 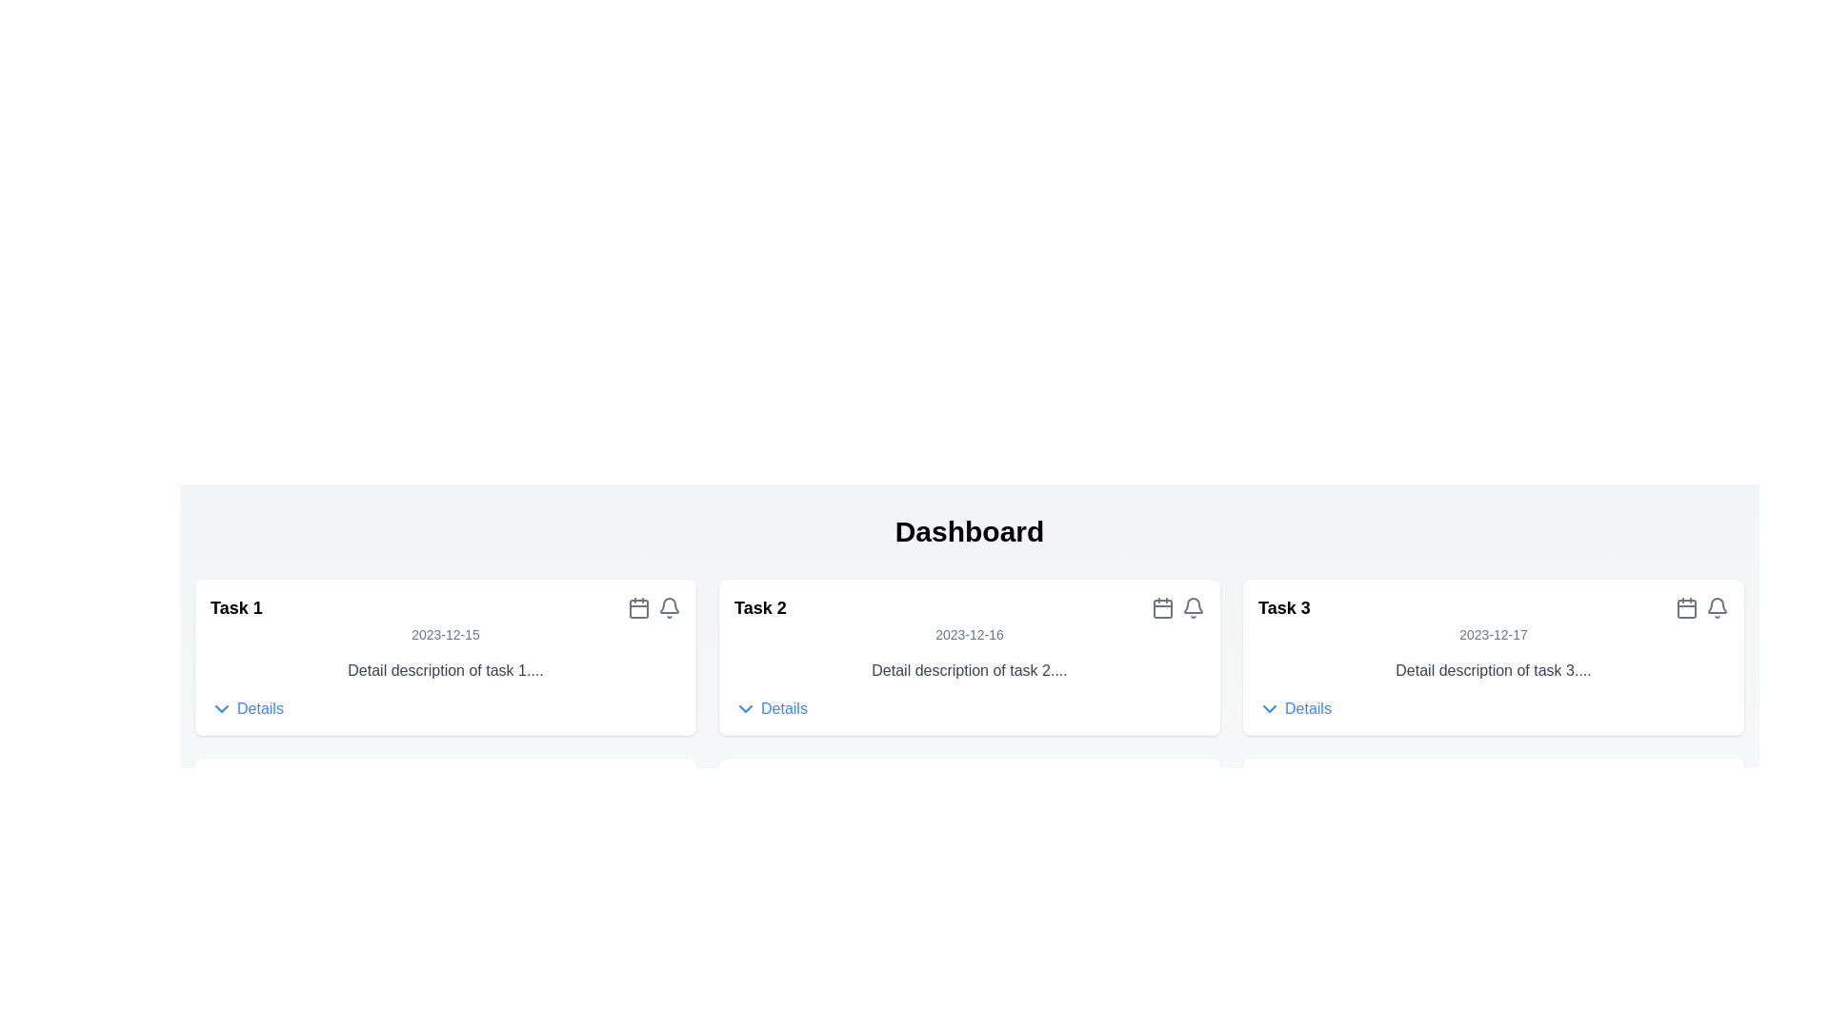 What do you see at coordinates (639, 608) in the screenshot?
I see `the calendar icon located in the upper-right corner of the first task card, beside the task name and date` at bounding box center [639, 608].